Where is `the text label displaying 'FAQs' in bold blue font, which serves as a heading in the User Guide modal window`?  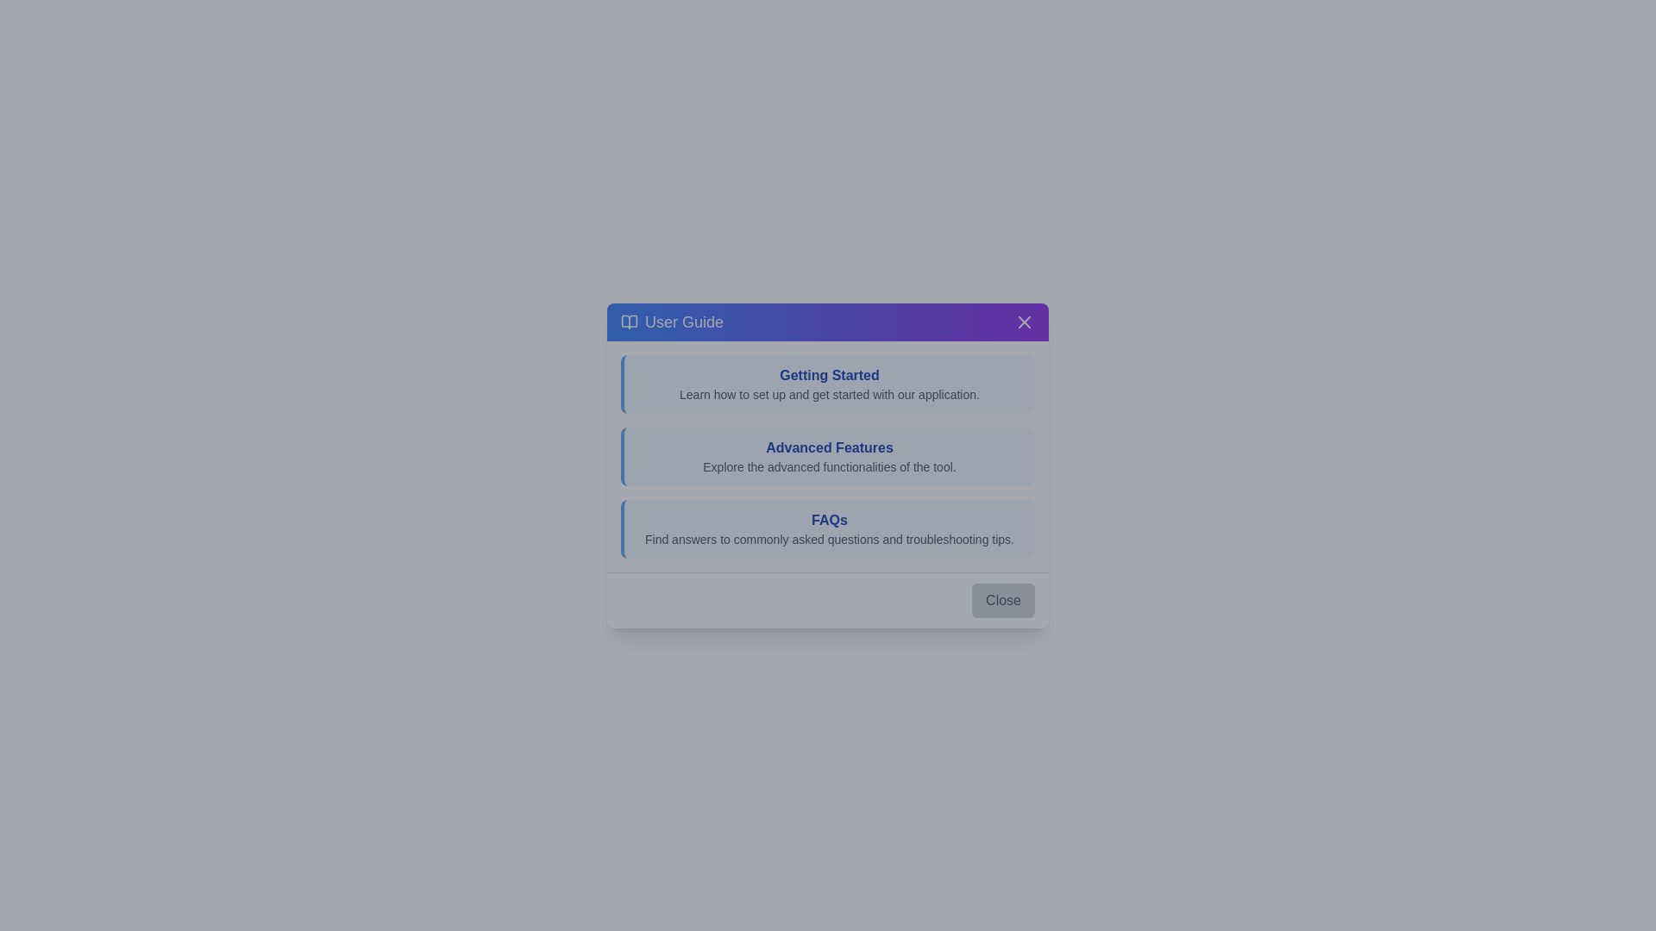 the text label displaying 'FAQs' in bold blue font, which serves as a heading in the User Guide modal window is located at coordinates (829, 519).